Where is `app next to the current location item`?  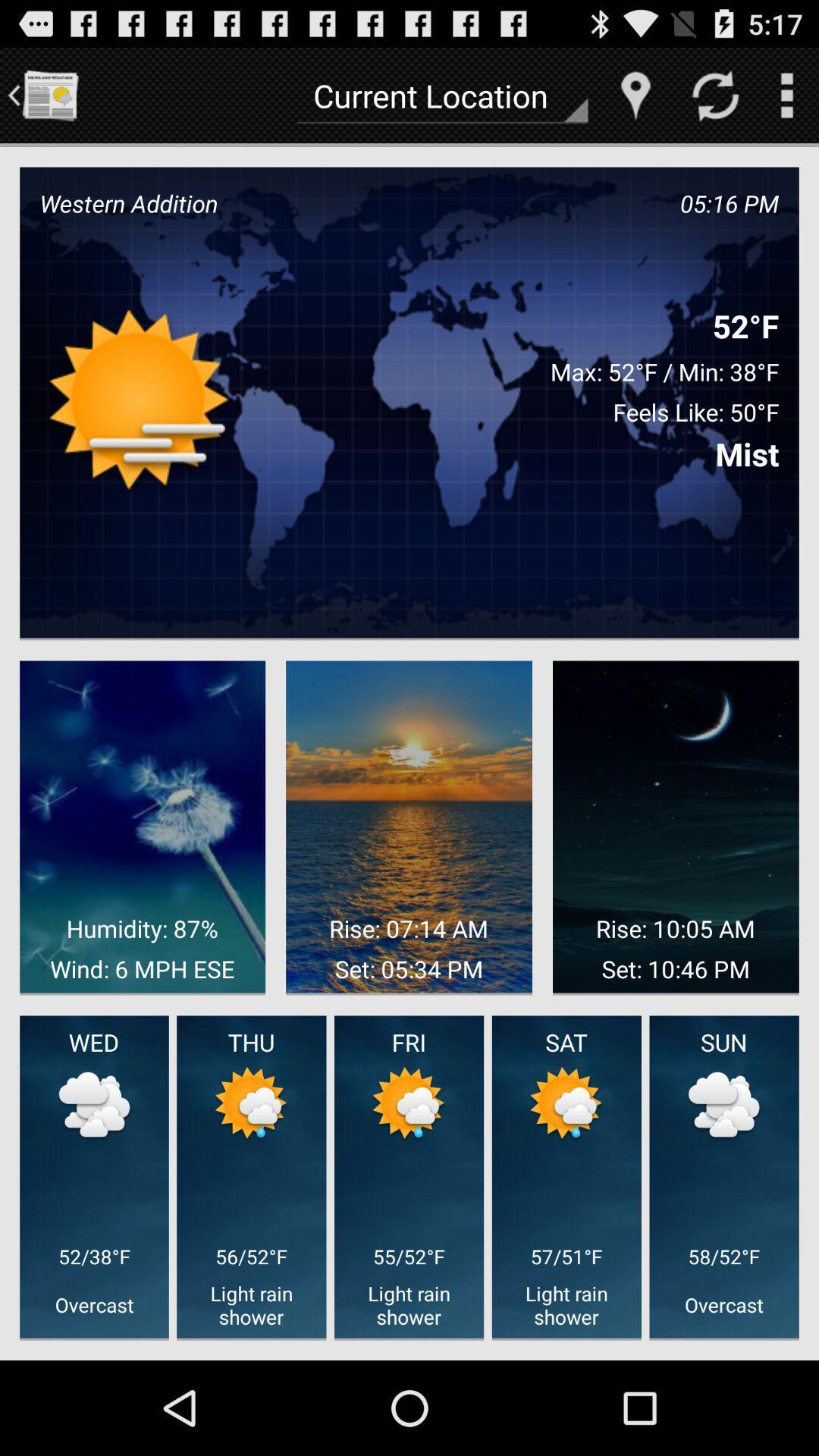
app next to the current location item is located at coordinates (49, 94).